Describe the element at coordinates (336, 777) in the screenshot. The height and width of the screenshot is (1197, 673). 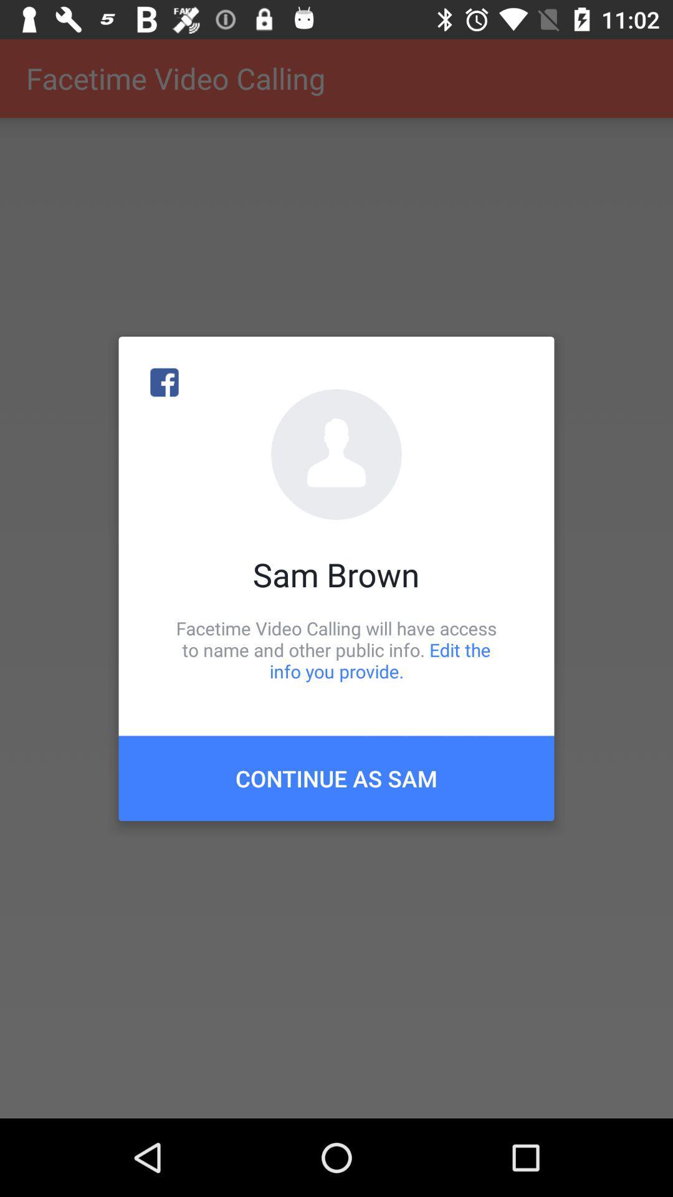
I see `the continue as sam icon` at that location.